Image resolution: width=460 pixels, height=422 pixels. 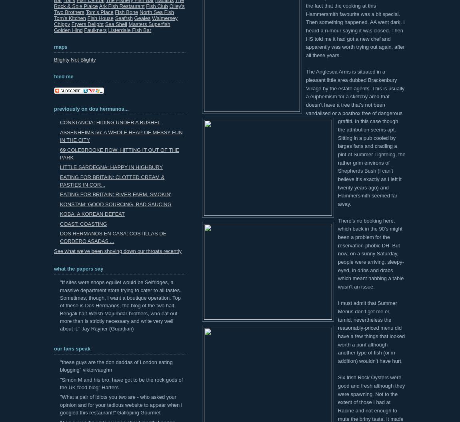 What do you see at coordinates (63, 76) in the screenshot?
I see `'Feed Me'` at bounding box center [63, 76].